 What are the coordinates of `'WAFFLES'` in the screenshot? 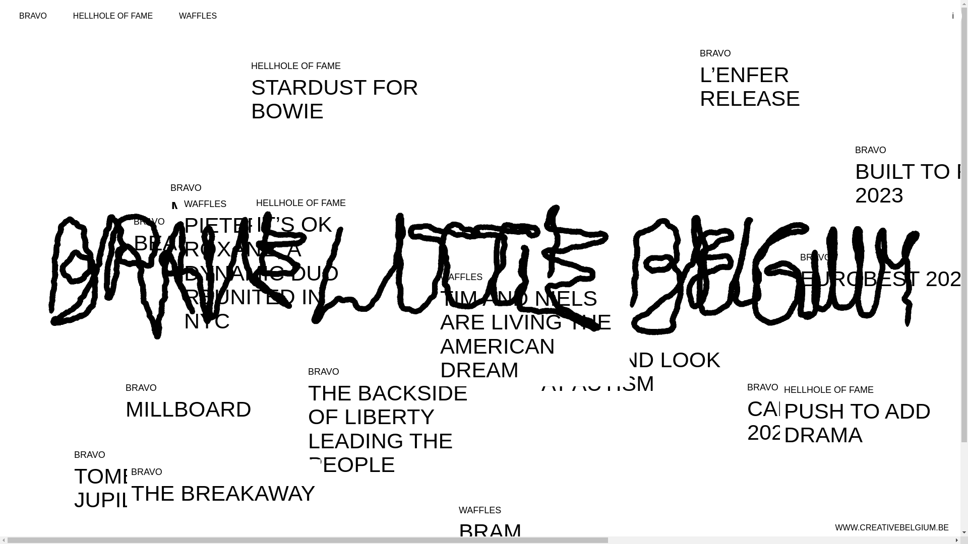 It's located at (167, 16).